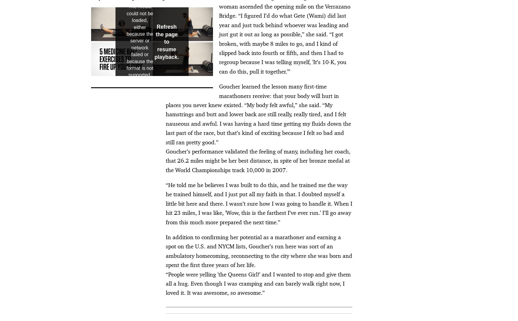  Describe the element at coordinates (344, 171) in the screenshot. I see `'Give A Gift'` at that location.